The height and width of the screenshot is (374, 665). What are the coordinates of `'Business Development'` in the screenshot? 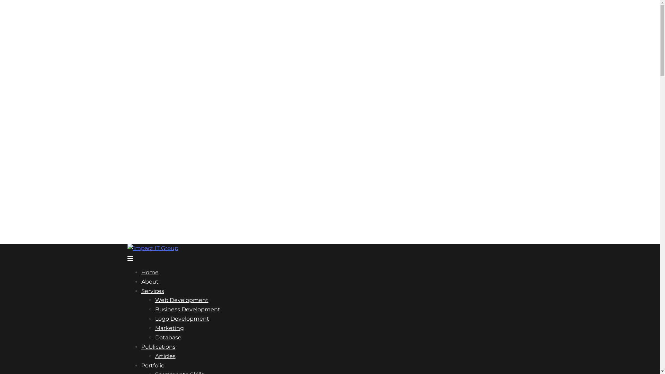 It's located at (188, 309).